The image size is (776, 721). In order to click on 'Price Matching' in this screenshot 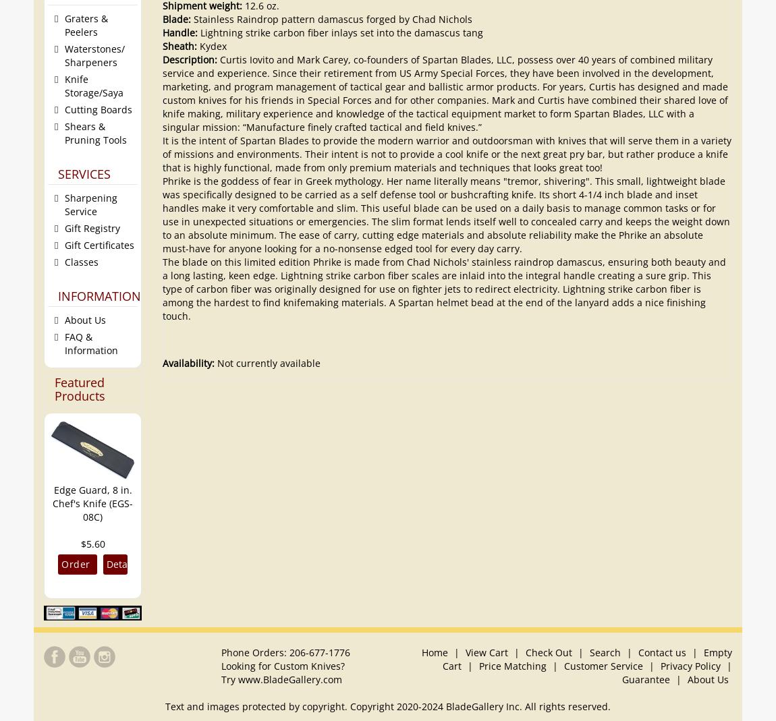, I will do `click(512, 665)`.